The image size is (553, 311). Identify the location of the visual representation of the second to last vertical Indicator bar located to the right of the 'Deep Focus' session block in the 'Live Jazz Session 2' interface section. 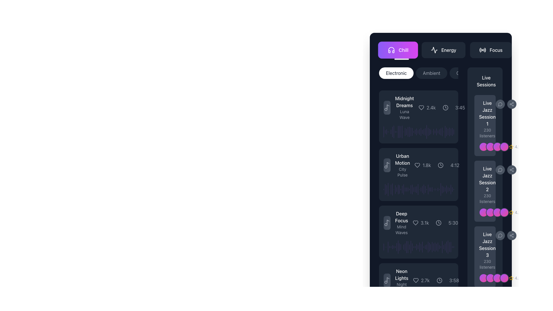
(450, 246).